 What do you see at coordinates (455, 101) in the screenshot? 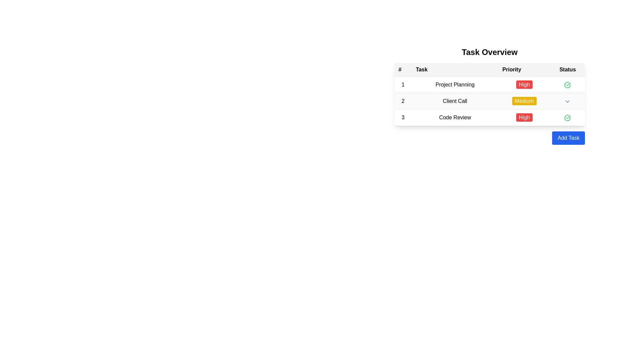
I see `the 'Client Call' text label located in the second row of the 'Task' column in the task overview table` at bounding box center [455, 101].